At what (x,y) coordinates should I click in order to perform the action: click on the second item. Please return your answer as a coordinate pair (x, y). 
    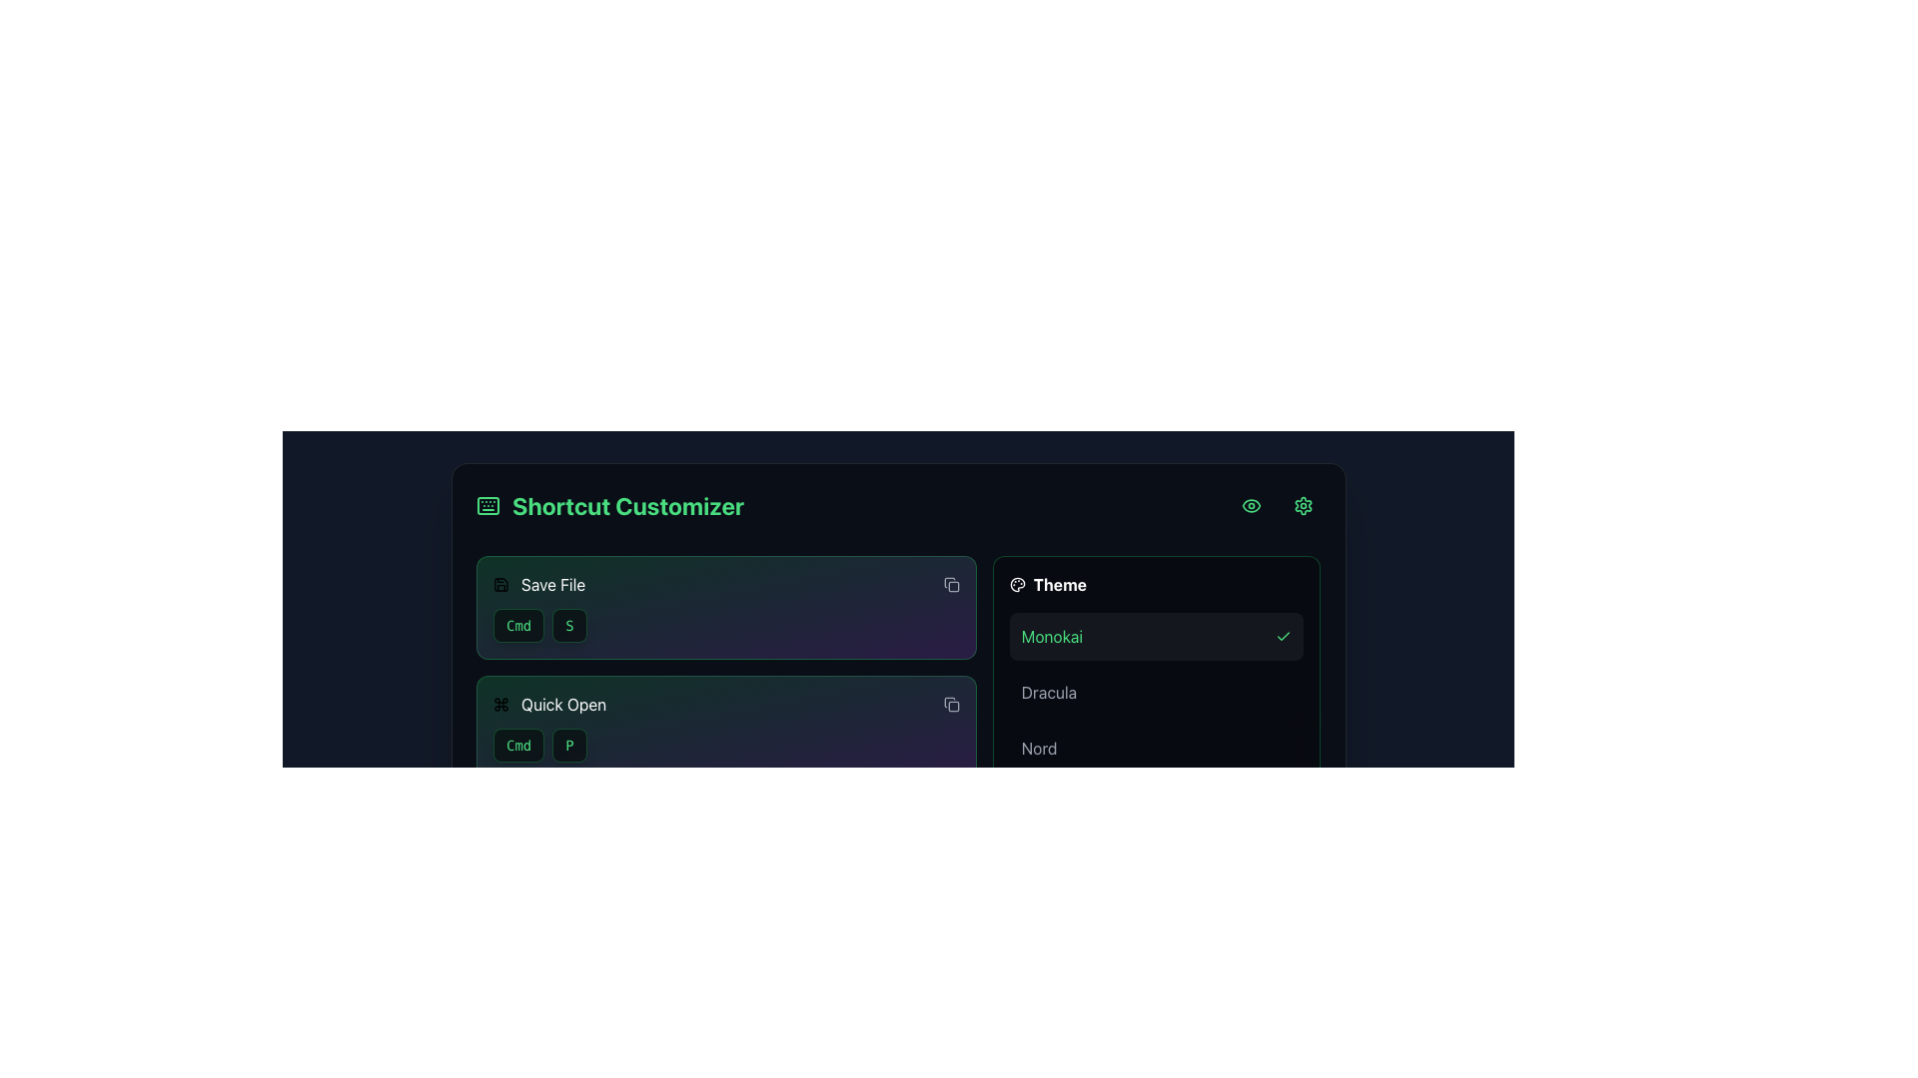
    Looking at the image, I should click on (1157, 692).